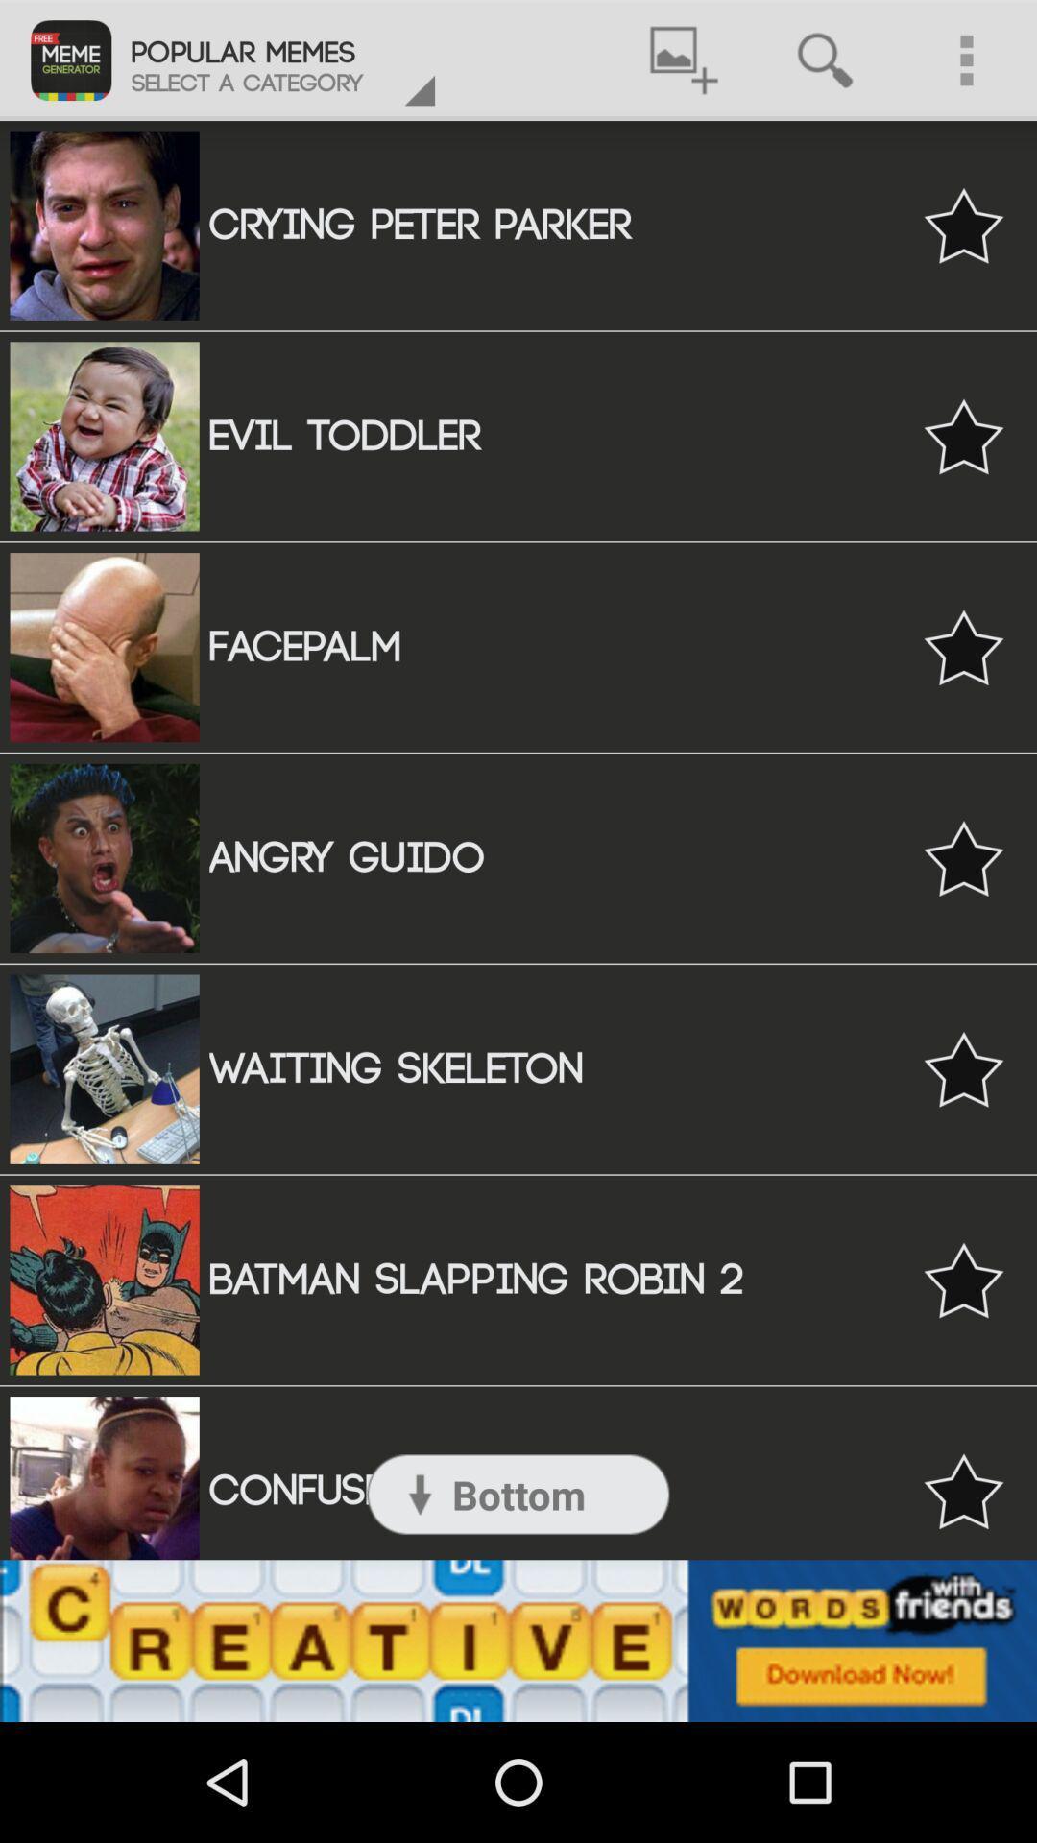 The height and width of the screenshot is (1843, 1037). Describe the element at coordinates (963, 647) in the screenshot. I see `this meme` at that location.